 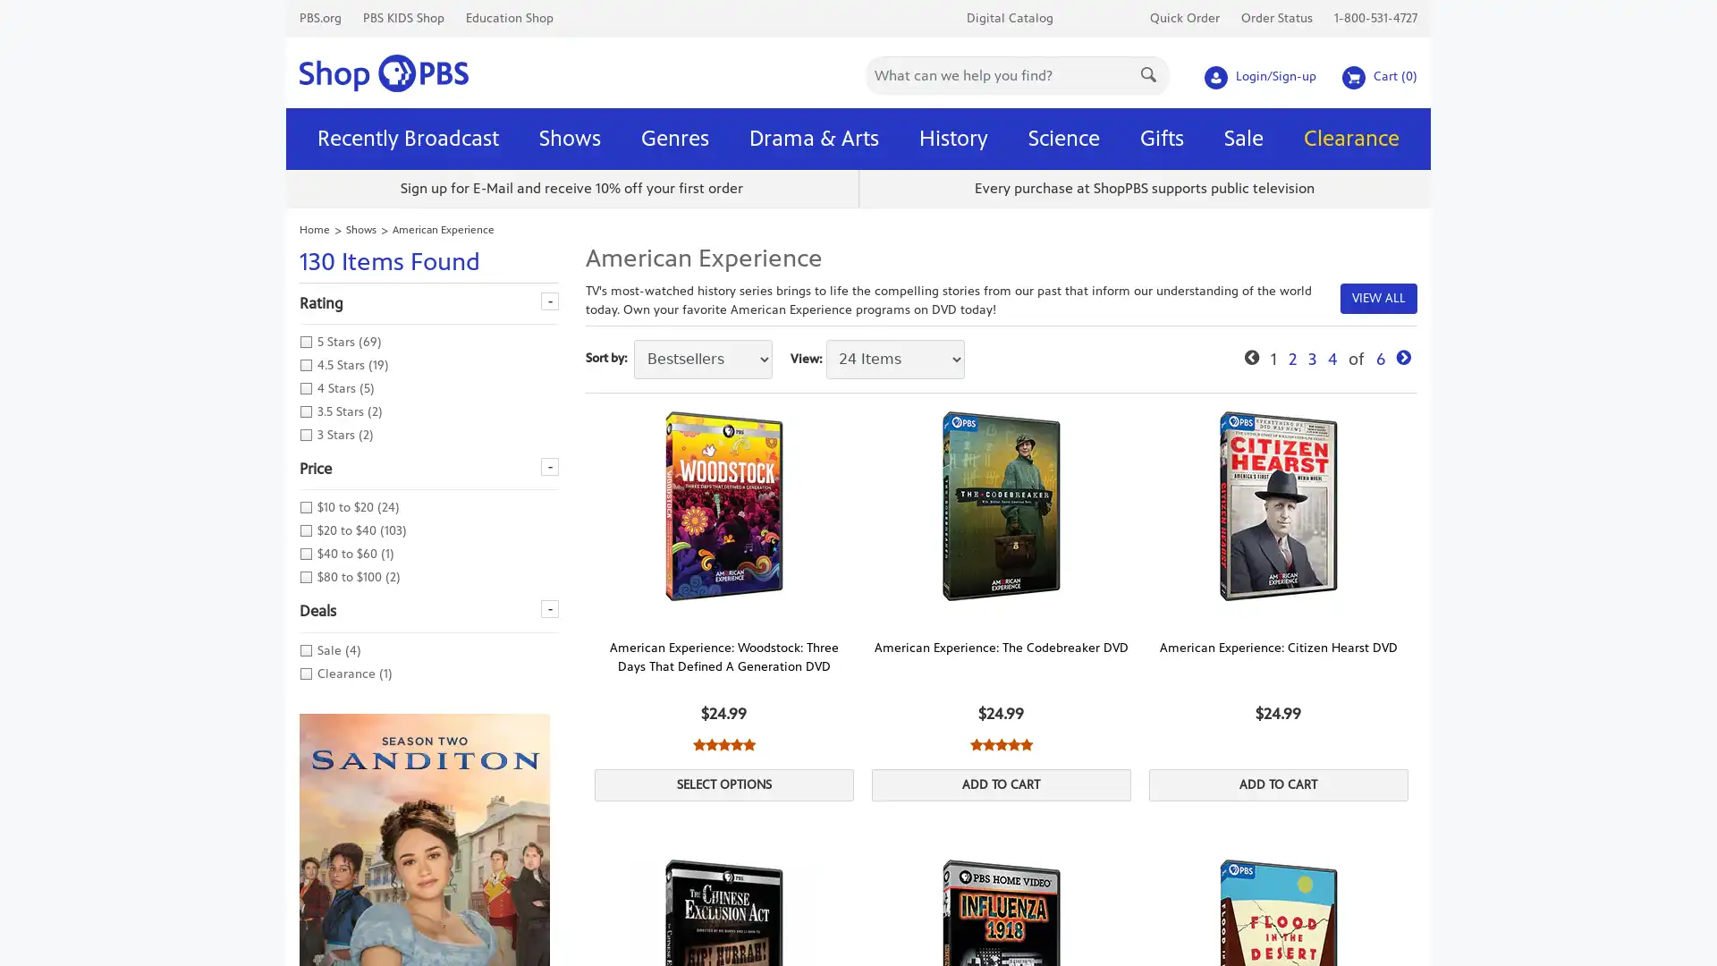 I want to click on VIEW ALL, so click(x=1376, y=296).